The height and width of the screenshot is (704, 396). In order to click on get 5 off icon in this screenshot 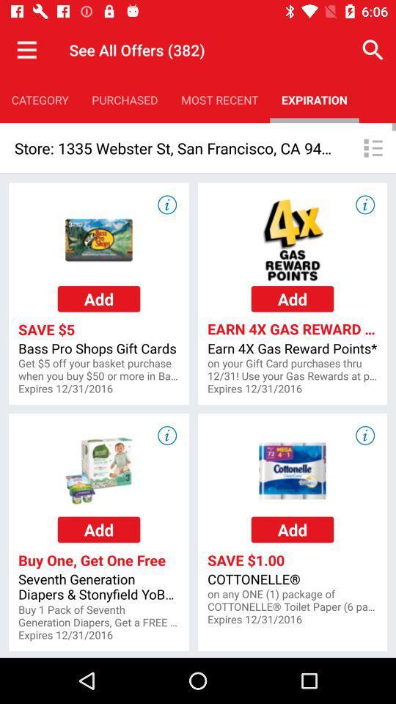, I will do `click(99, 369)`.